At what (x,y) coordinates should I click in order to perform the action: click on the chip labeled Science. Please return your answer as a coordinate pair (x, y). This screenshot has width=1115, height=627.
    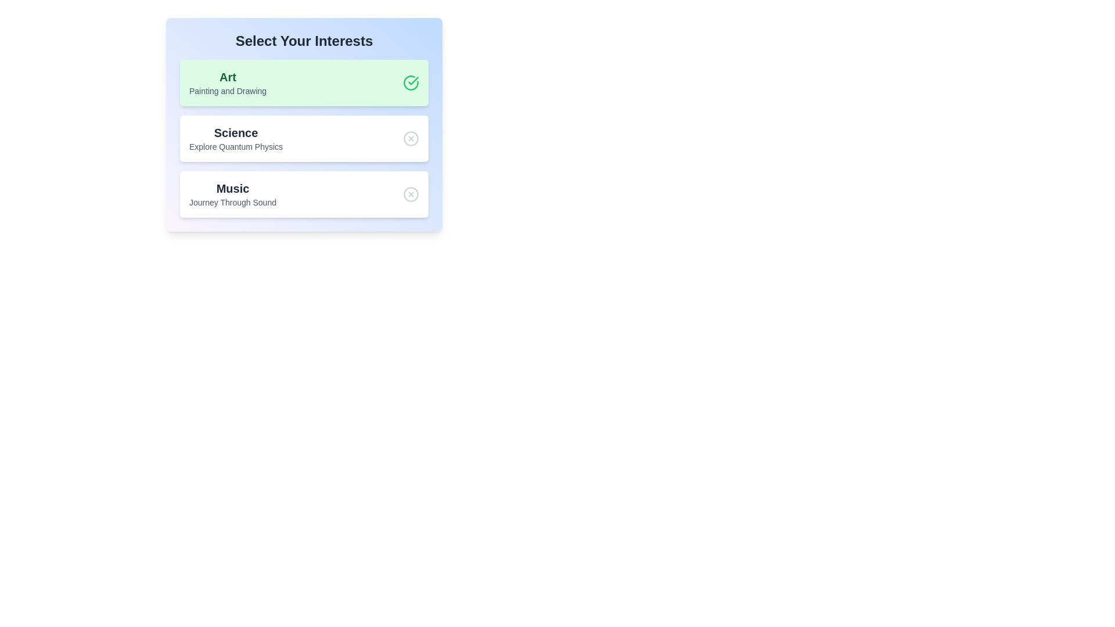
    Looking at the image, I should click on (304, 138).